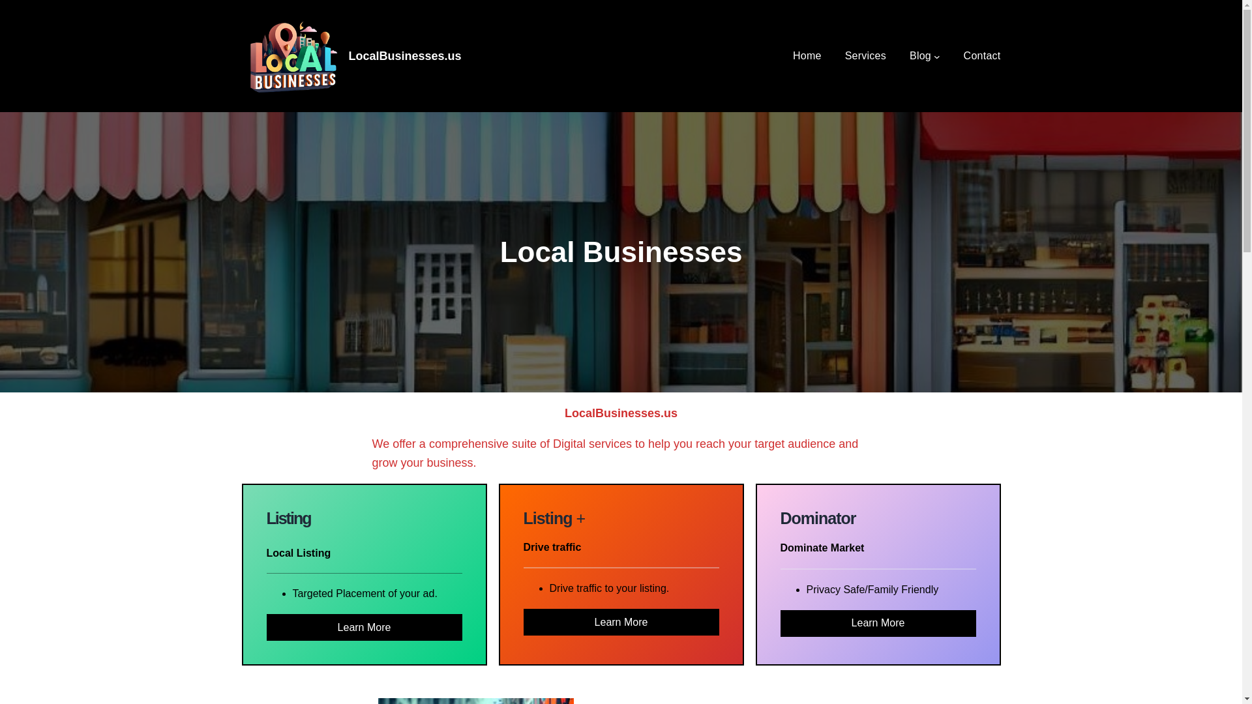 The width and height of the screenshot is (1252, 704). What do you see at coordinates (348, 55) in the screenshot?
I see `'LocalBusinesses.us'` at bounding box center [348, 55].